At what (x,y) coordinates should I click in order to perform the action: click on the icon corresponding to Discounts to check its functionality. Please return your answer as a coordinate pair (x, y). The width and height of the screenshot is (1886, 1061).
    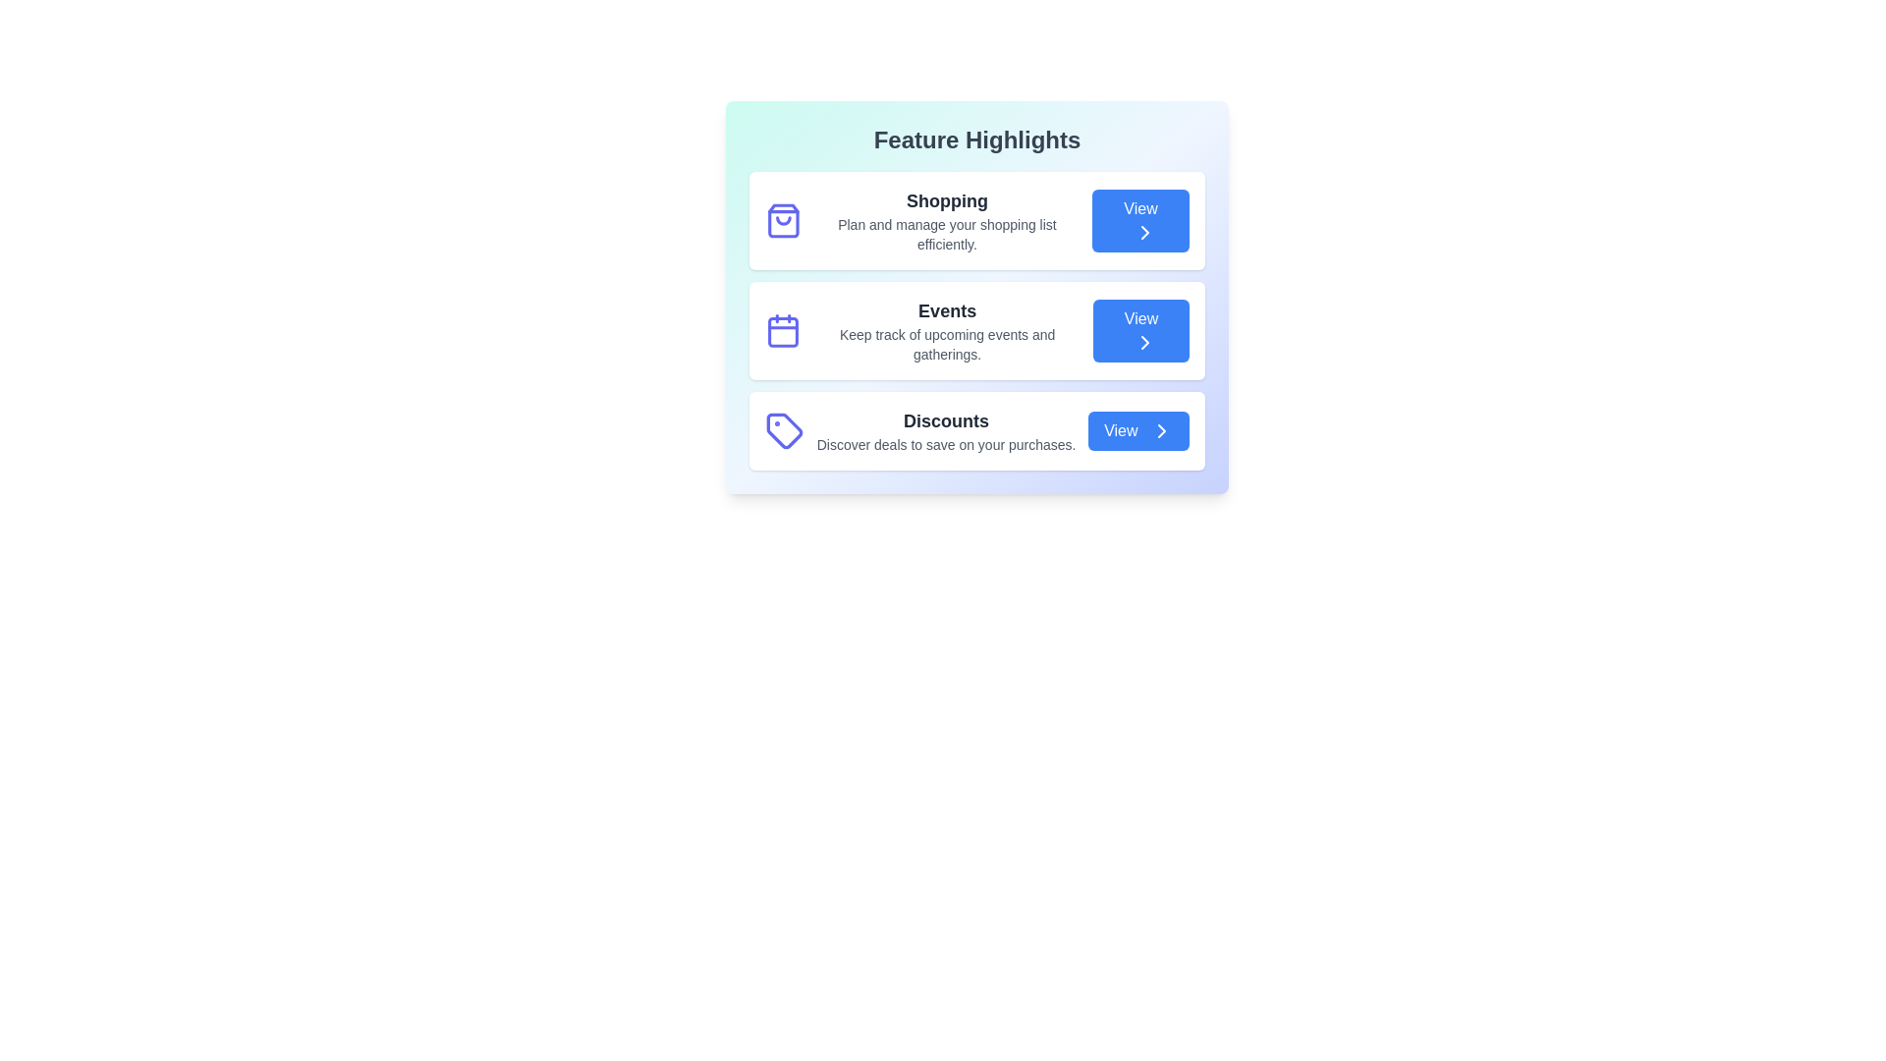
    Looking at the image, I should click on (783, 430).